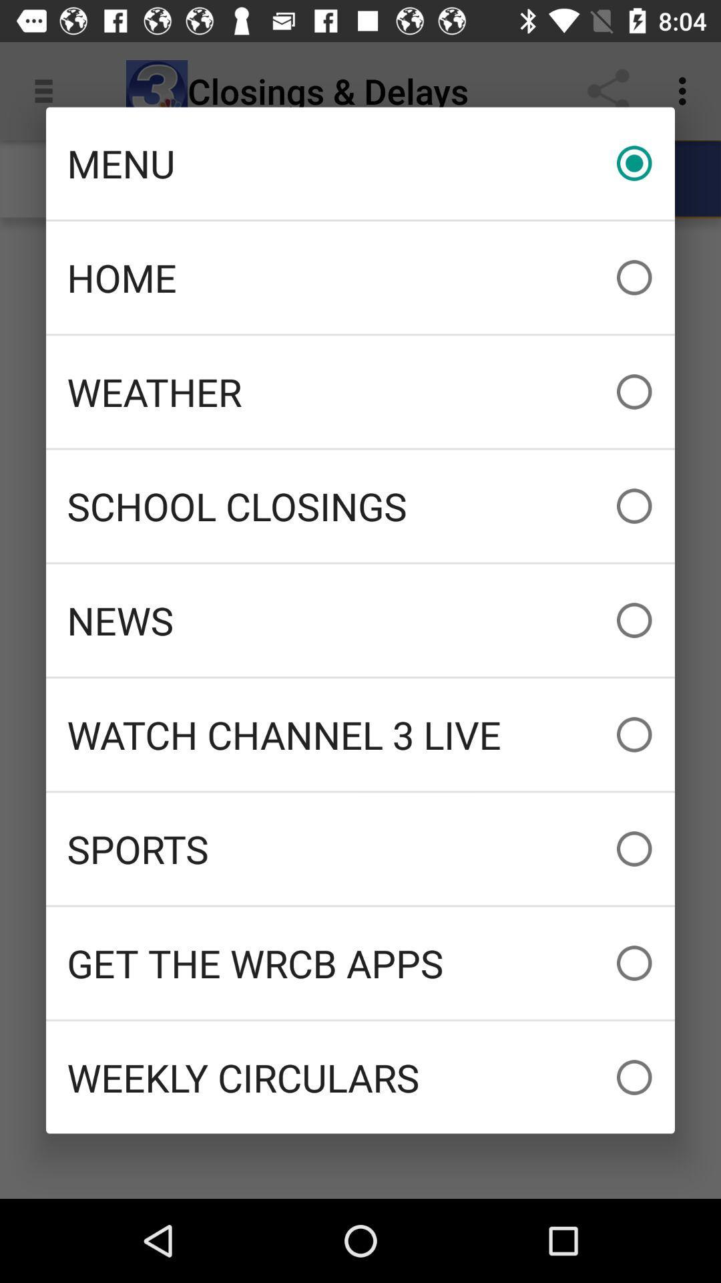  I want to click on the get the wrcb item, so click(360, 963).